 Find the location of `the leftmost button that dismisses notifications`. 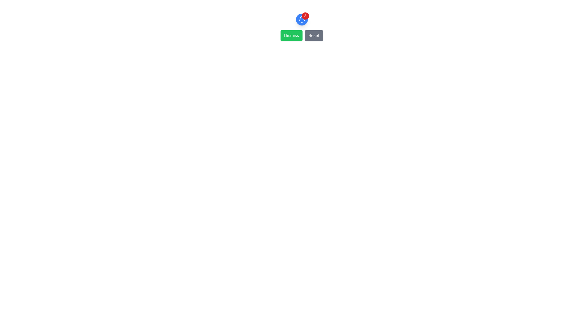

the leftmost button that dismisses notifications is located at coordinates (292, 35).